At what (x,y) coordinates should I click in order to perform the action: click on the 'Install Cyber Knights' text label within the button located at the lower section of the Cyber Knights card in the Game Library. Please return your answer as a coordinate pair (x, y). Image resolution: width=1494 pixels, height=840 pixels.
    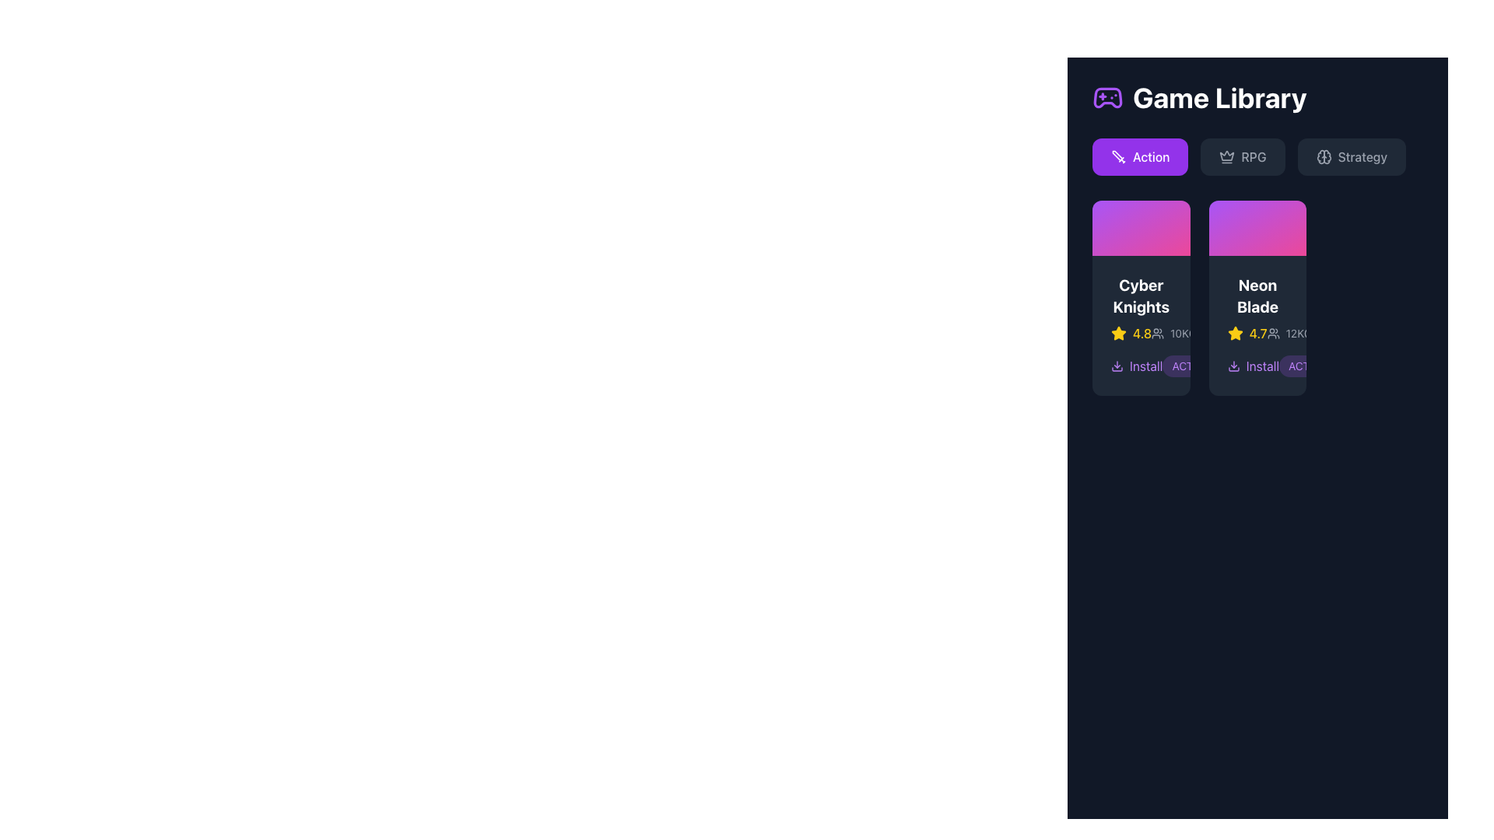
    Looking at the image, I should click on (1146, 366).